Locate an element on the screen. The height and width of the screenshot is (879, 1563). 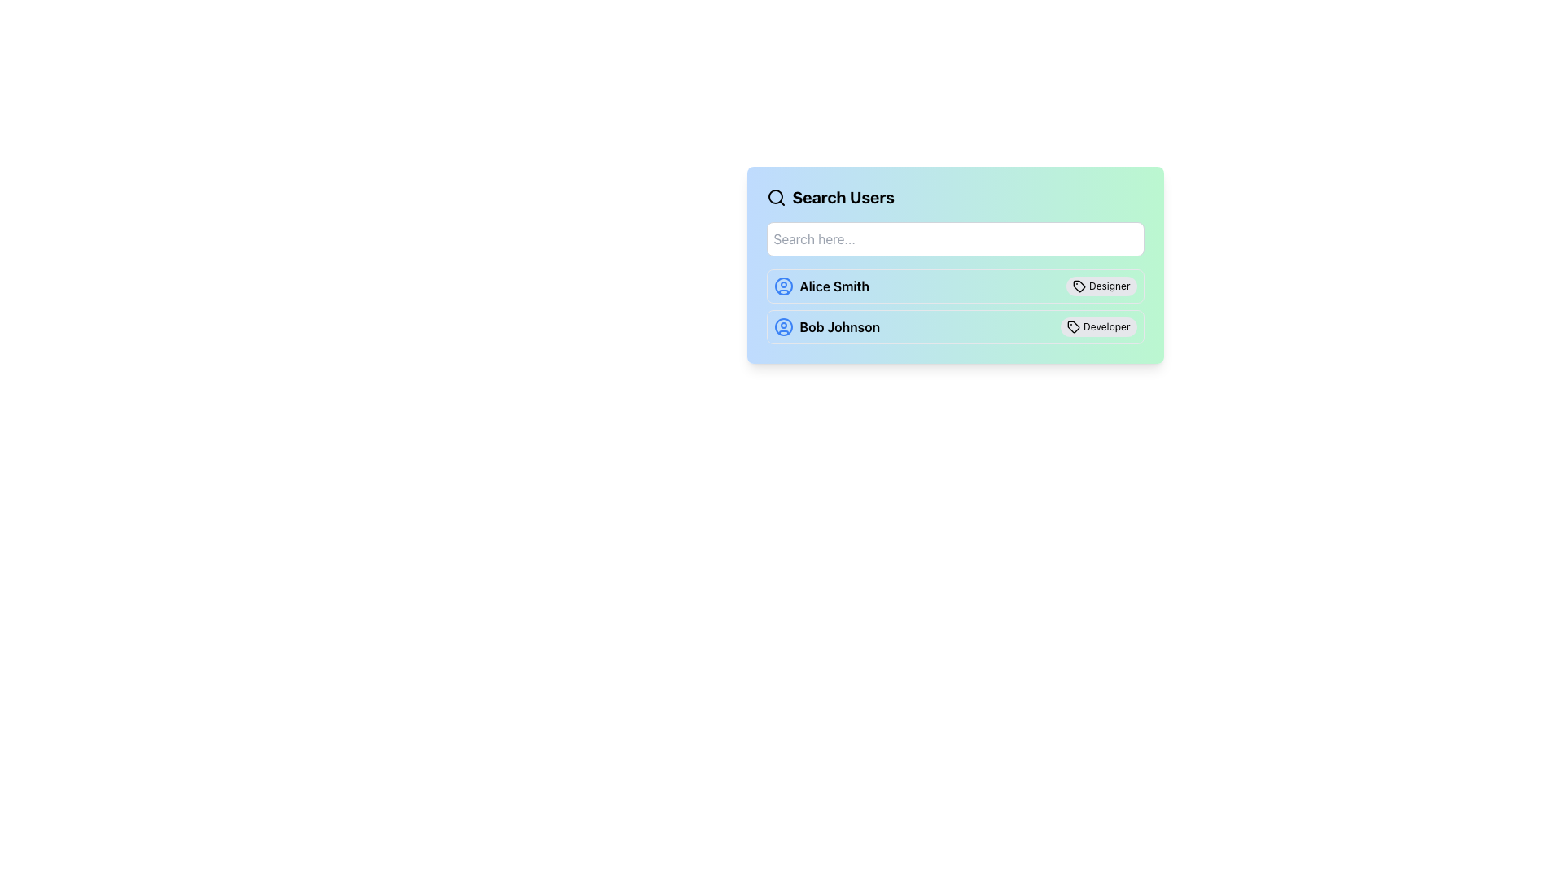
the Text Label that displays the name of a listed user, which is positioned to the right of a circular blue-themed avatar graphic is located at coordinates (839, 326).